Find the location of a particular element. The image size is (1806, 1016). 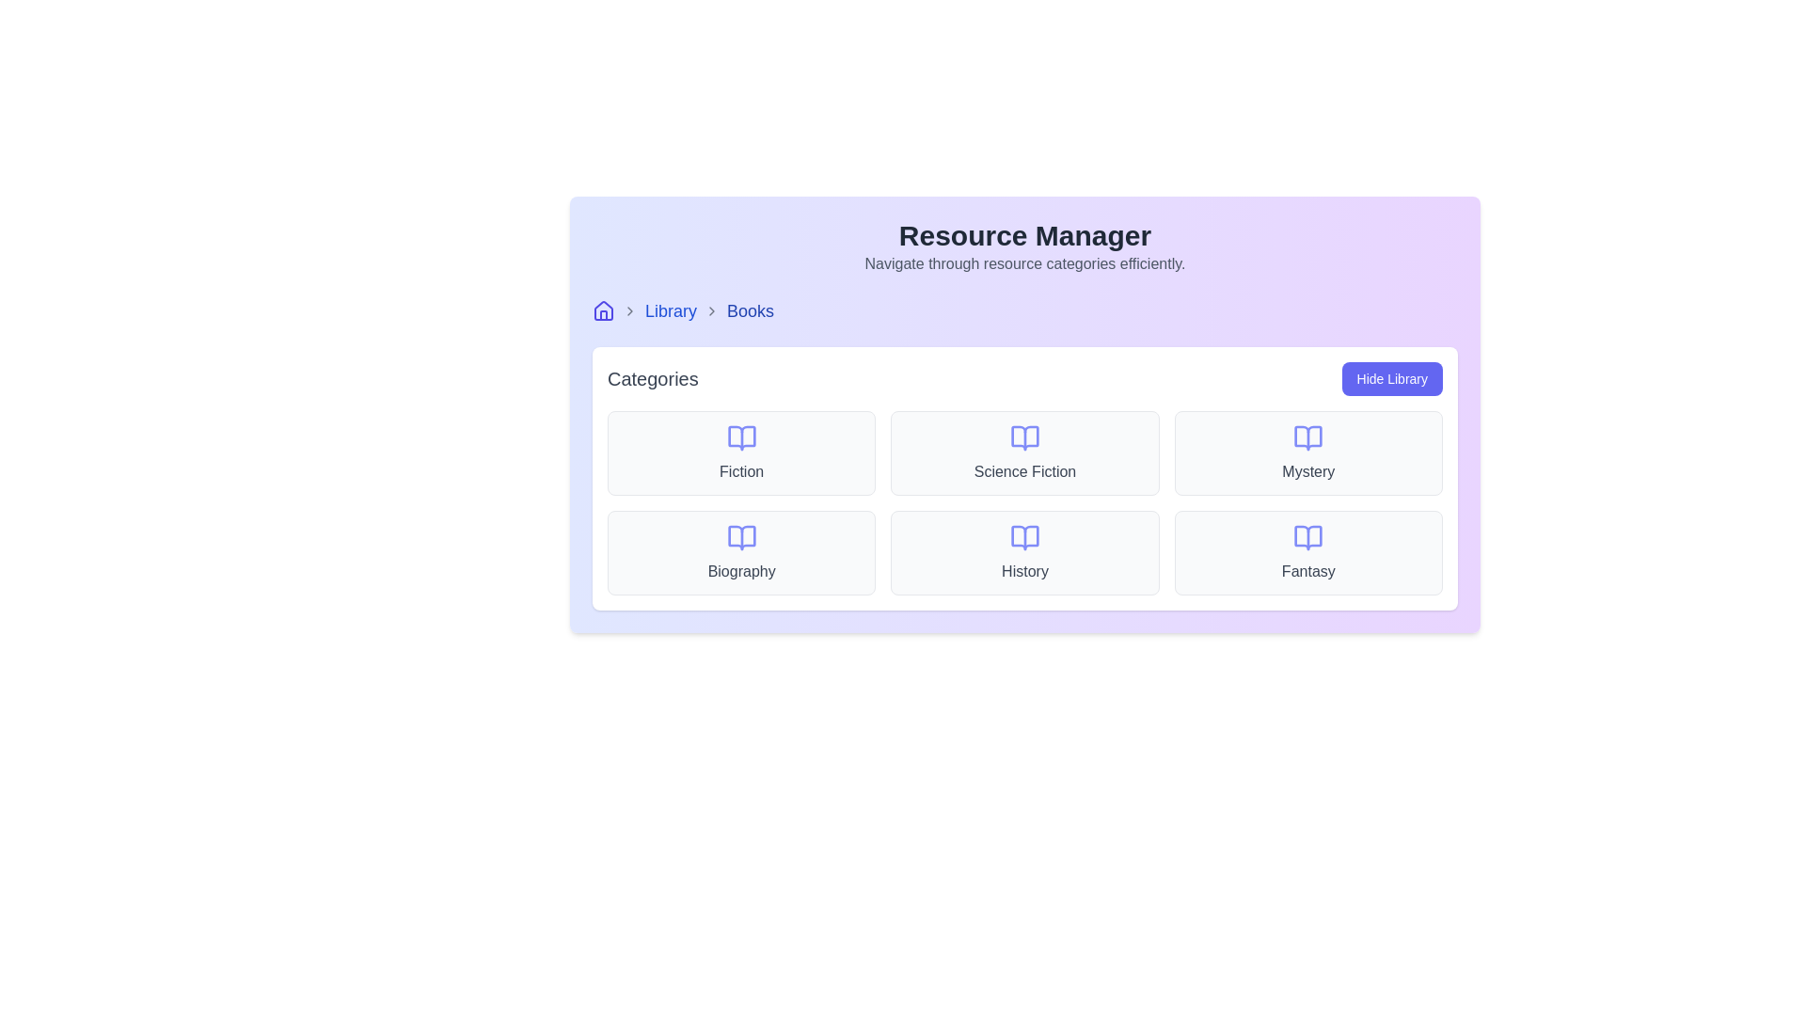

the second chevron icon in the breadcrumb navigation, which visually connects the 'Library' and 'Books' sections is located at coordinates (711, 310).